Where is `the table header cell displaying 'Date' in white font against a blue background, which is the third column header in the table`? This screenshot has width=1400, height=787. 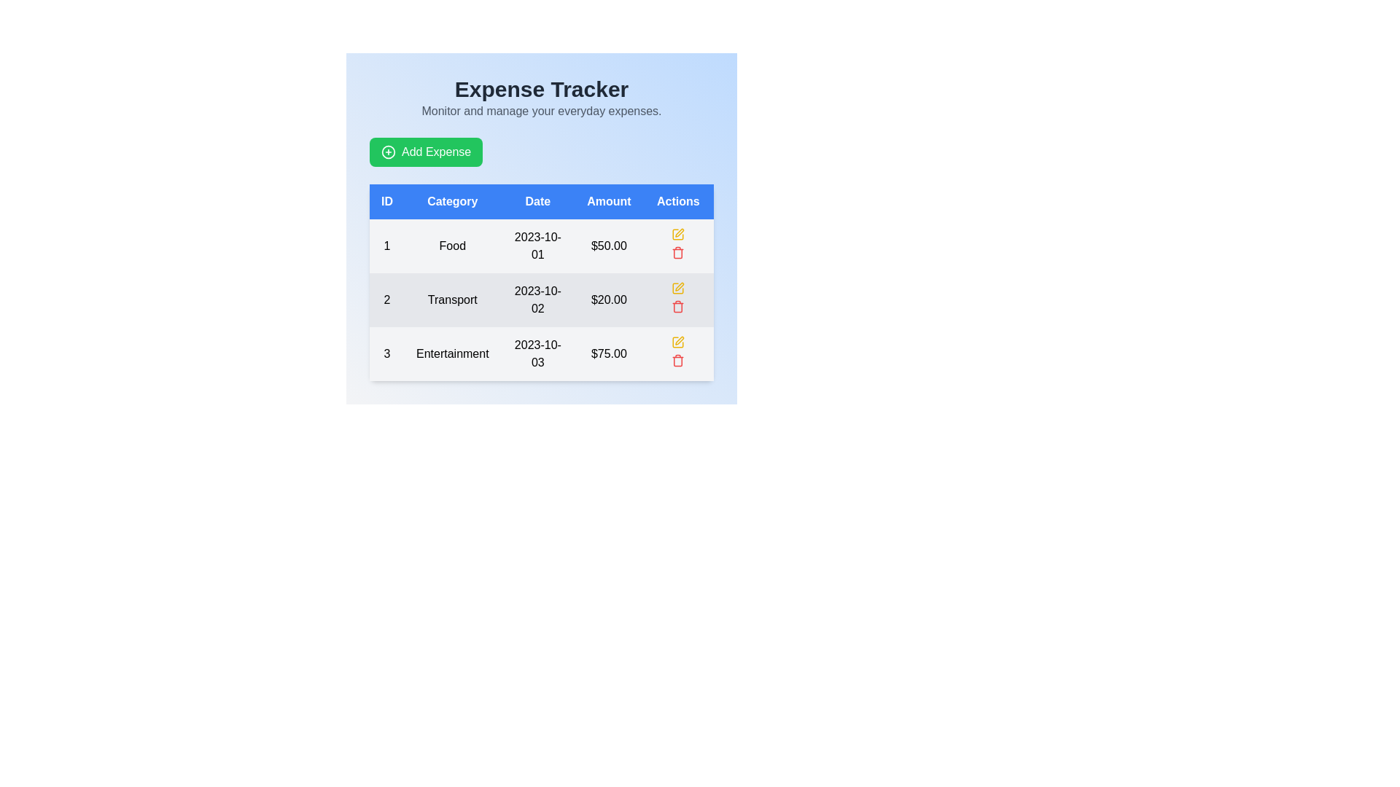
the table header cell displaying 'Date' in white font against a blue background, which is the third column header in the table is located at coordinates (537, 202).